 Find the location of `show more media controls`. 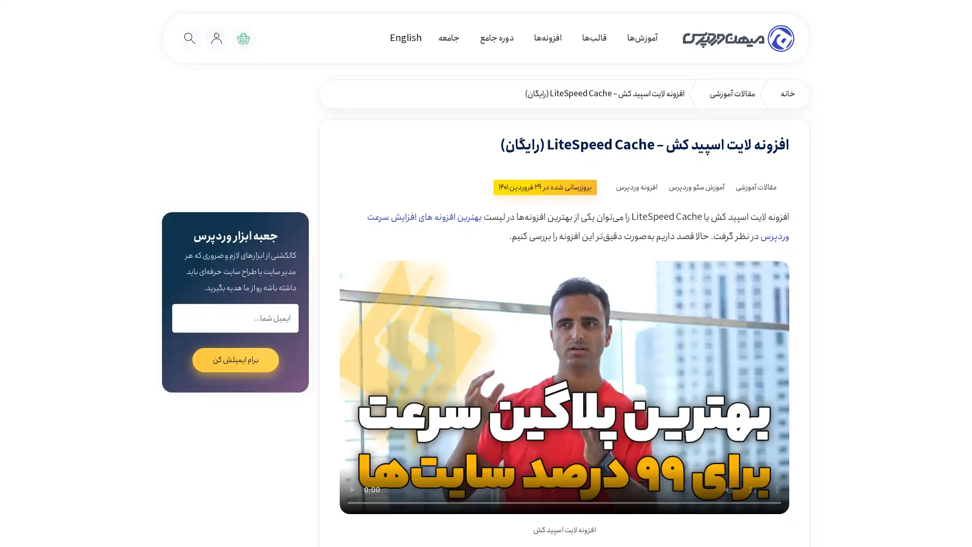

show more media controls is located at coordinates (777, 488).